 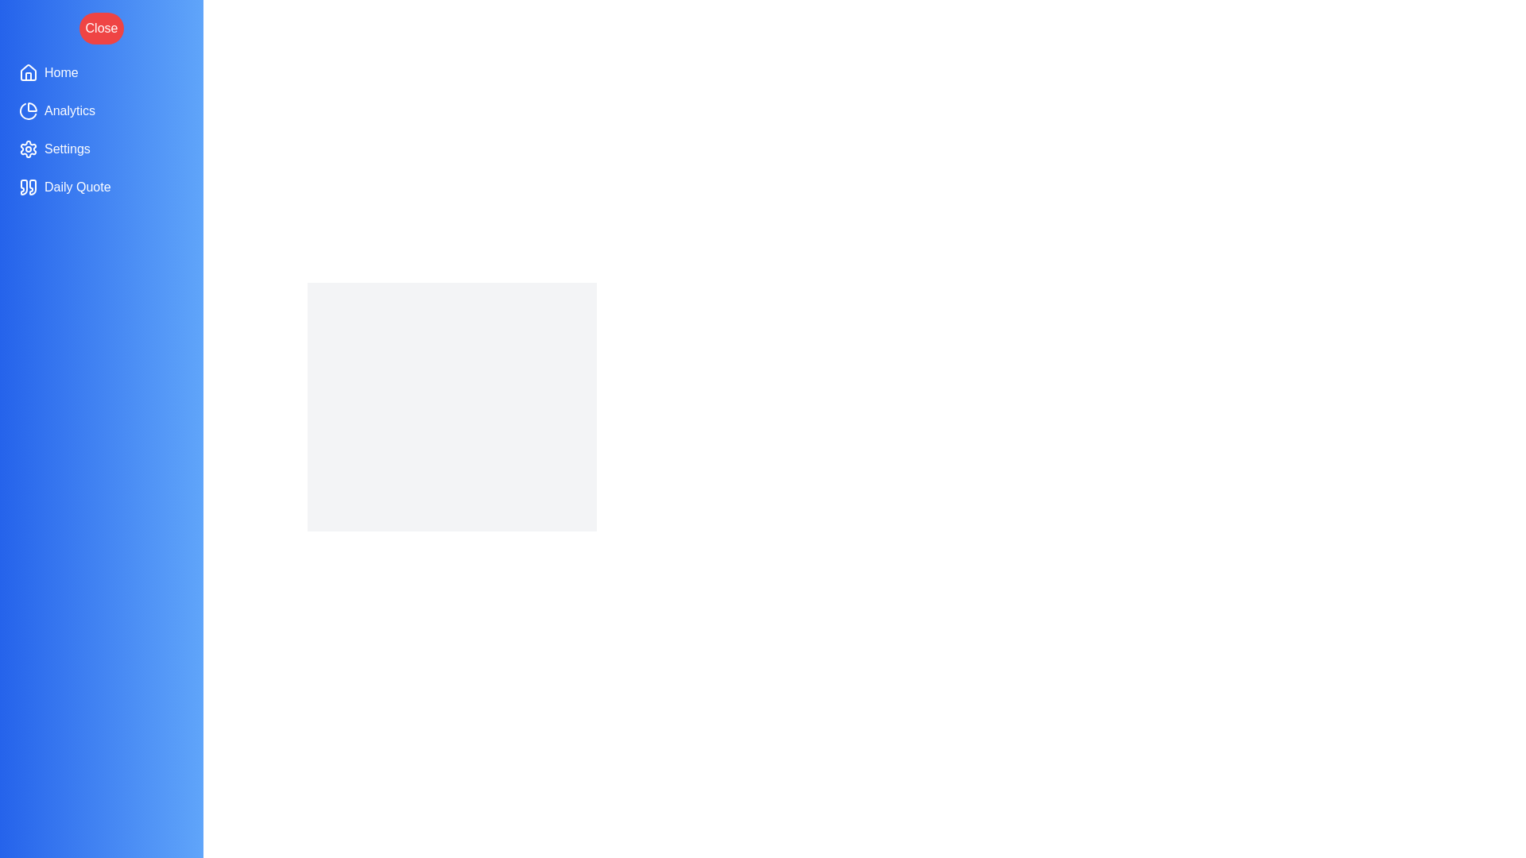 What do you see at coordinates (101, 73) in the screenshot?
I see `the menu item labeled Home` at bounding box center [101, 73].